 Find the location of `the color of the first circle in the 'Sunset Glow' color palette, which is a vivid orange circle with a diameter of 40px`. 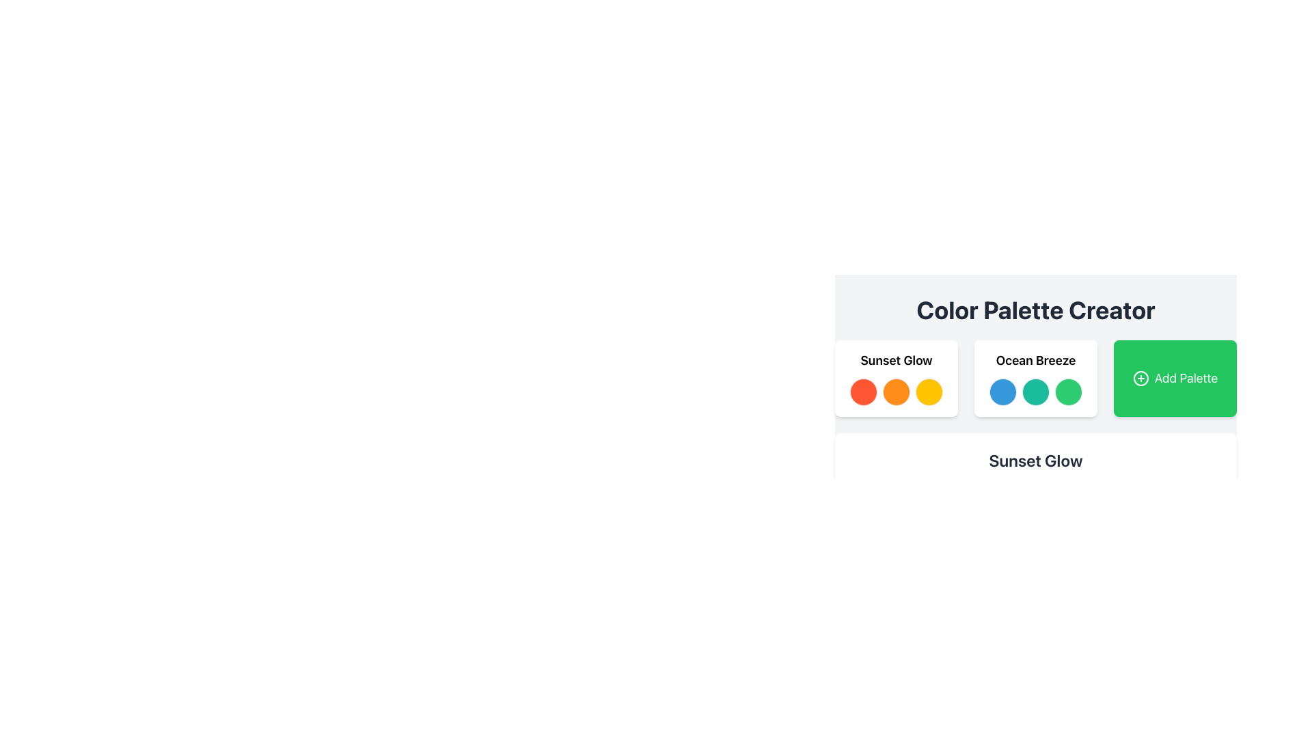

the color of the first circle in the 'Sunset Glow' color palette, which is a vivid orange circle with a diameter of 40px is located at coordinates (862, 392).